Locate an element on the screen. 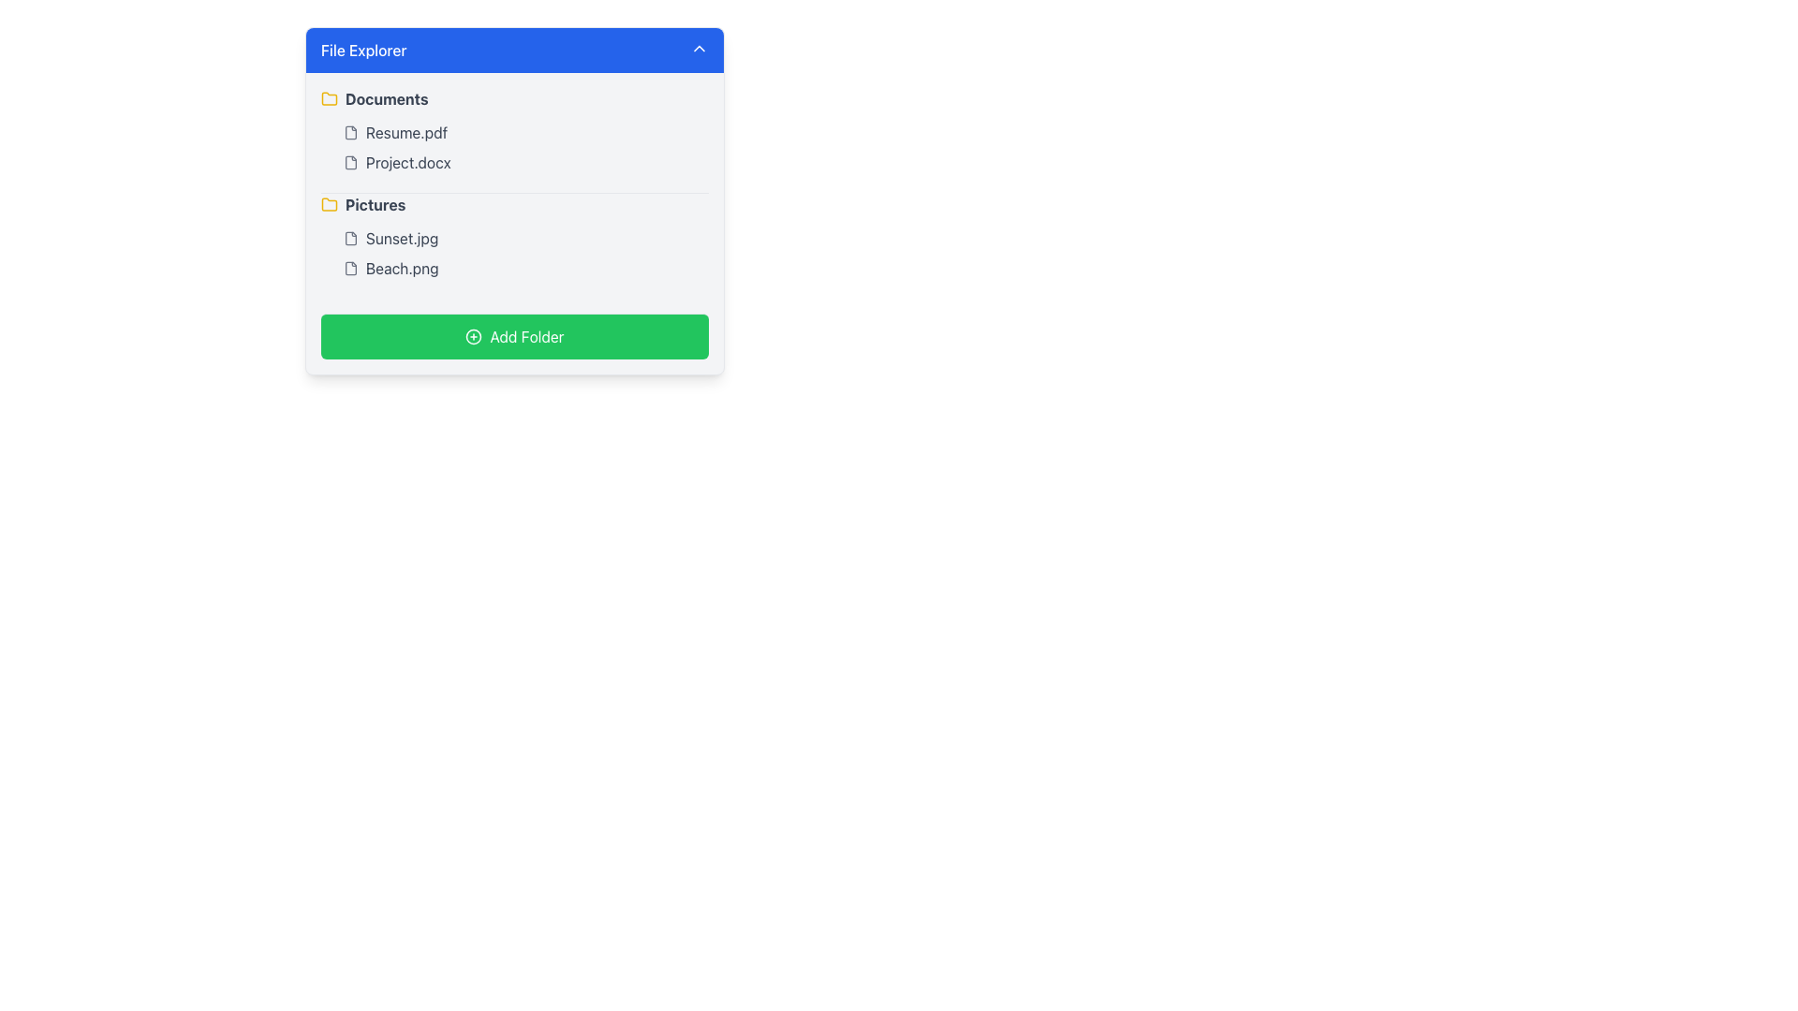  the 'Resume.pdf' file item, which is the first entry in the 'Documents' section of the 'File Explorer' is located at coordinates (524, 132).